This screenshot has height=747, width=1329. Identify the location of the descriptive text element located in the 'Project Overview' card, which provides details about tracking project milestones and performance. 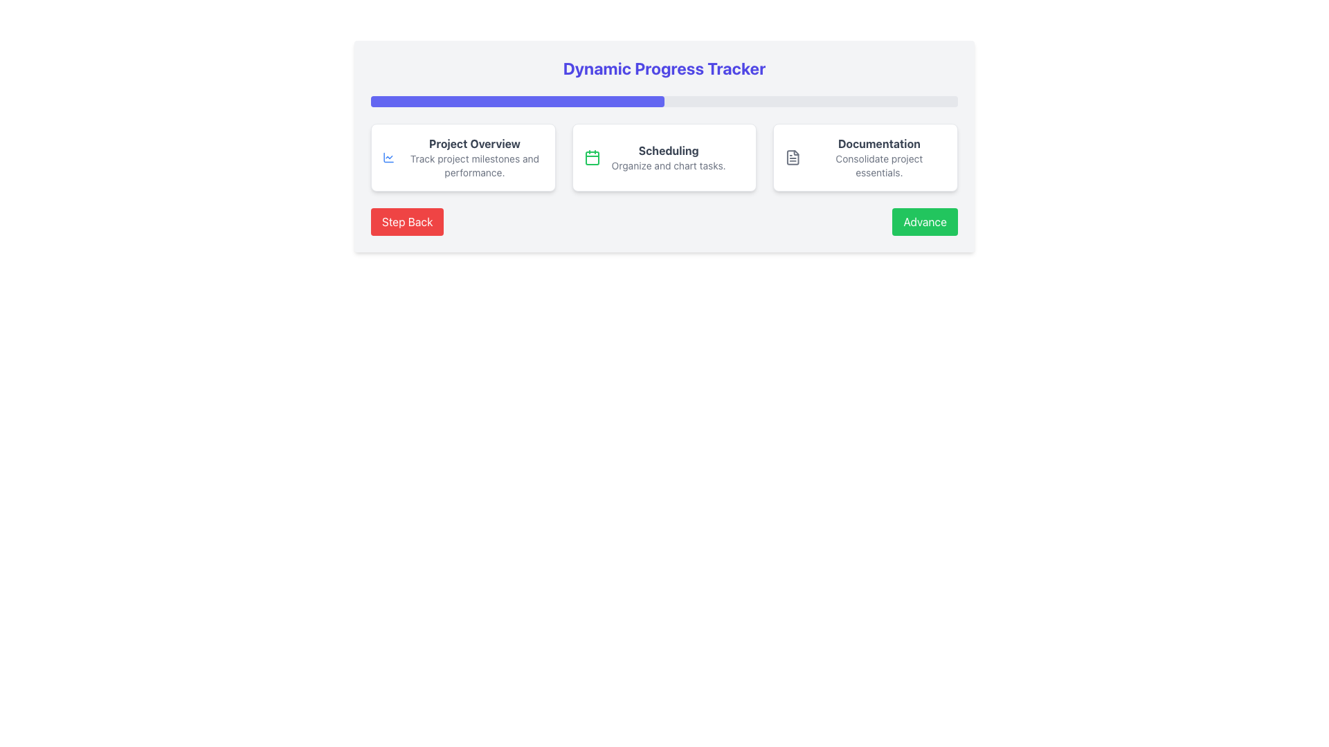
(475, 165).